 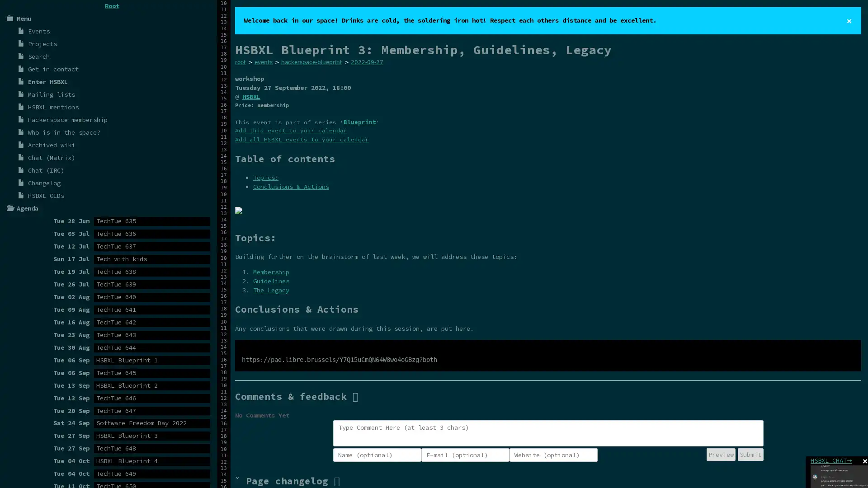 I want to click on Submit, so click(x=750, y=455).